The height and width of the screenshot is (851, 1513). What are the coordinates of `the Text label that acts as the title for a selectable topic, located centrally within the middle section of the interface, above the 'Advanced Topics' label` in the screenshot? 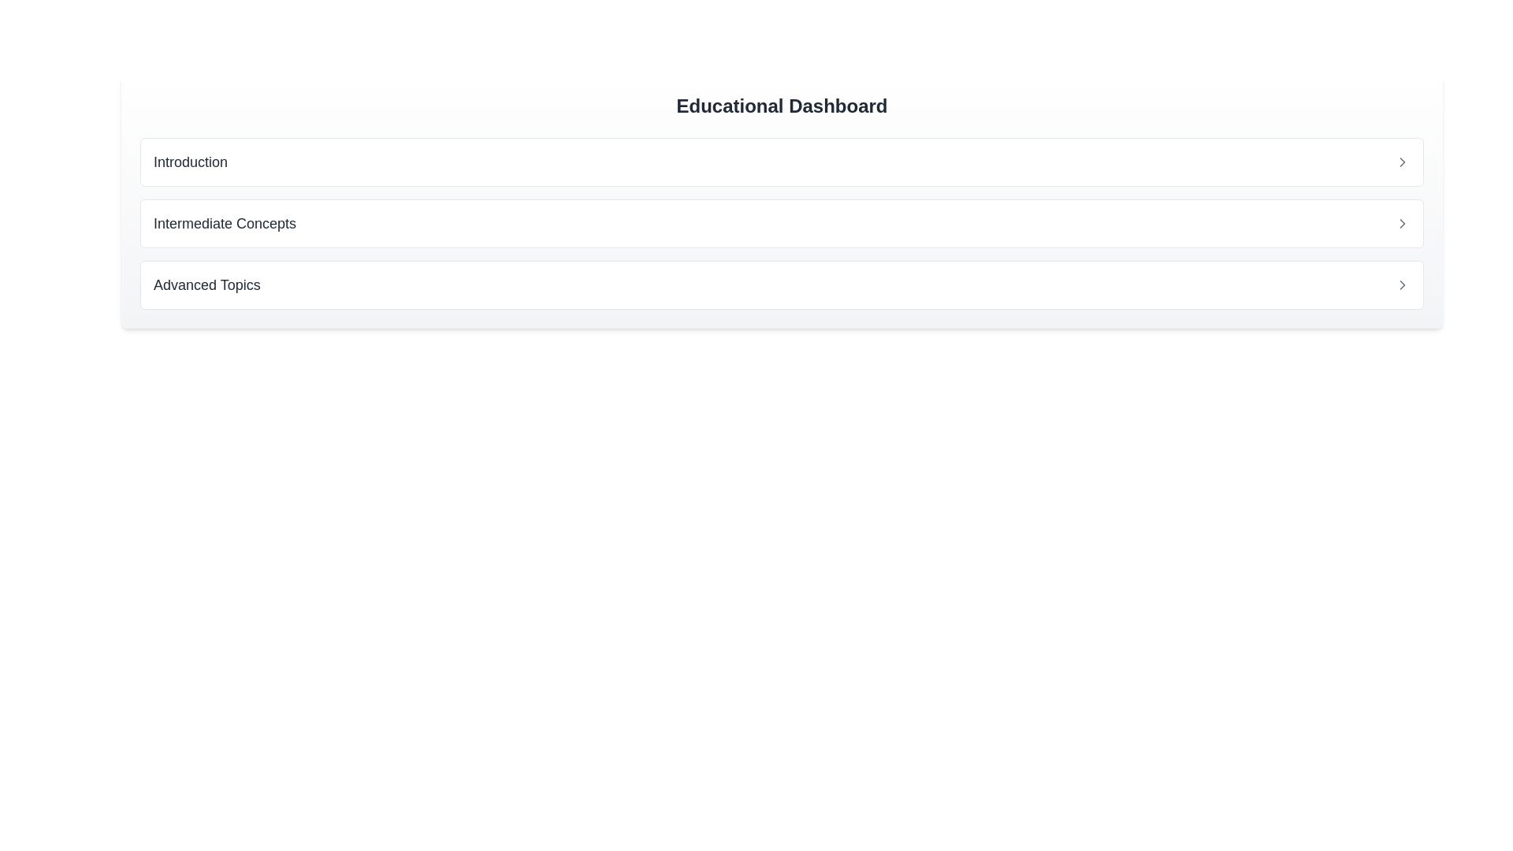 It's located at (224, 224).